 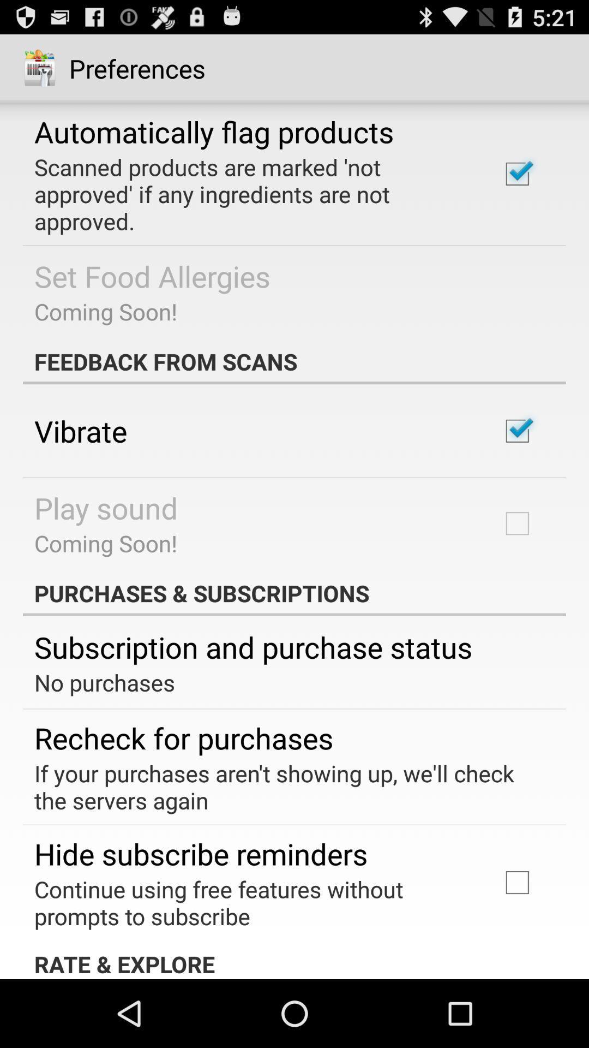 I want to click on the feedback from scans icon, so click(x=294, y=361).